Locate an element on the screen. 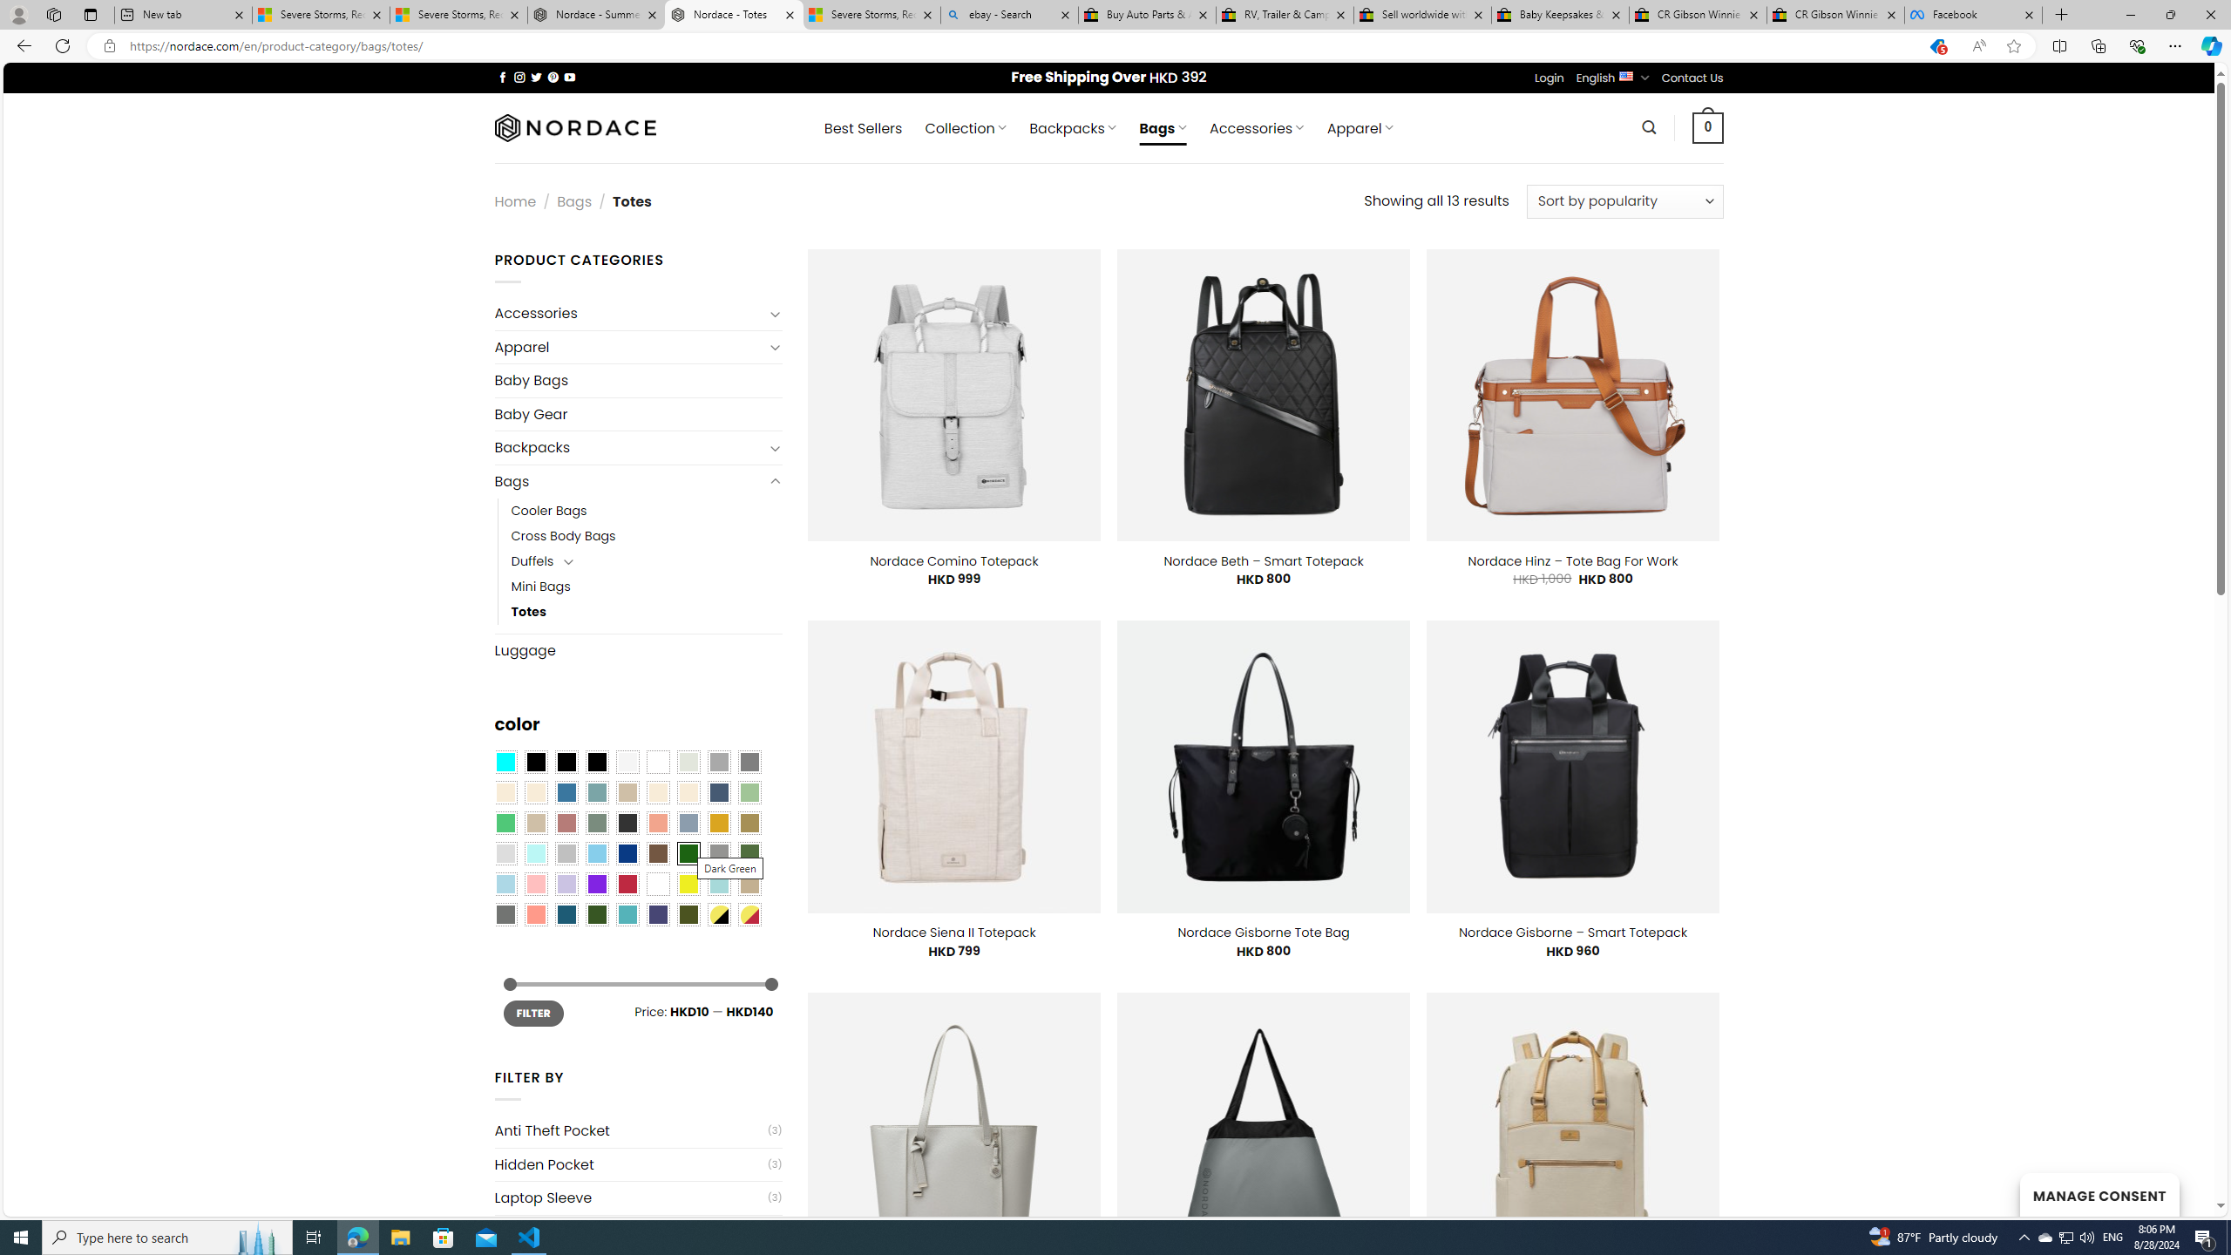 The height and width of the screenshot is (1255, 2231). 'Laptop Sleeve' is located at coordinates (629, 1197).